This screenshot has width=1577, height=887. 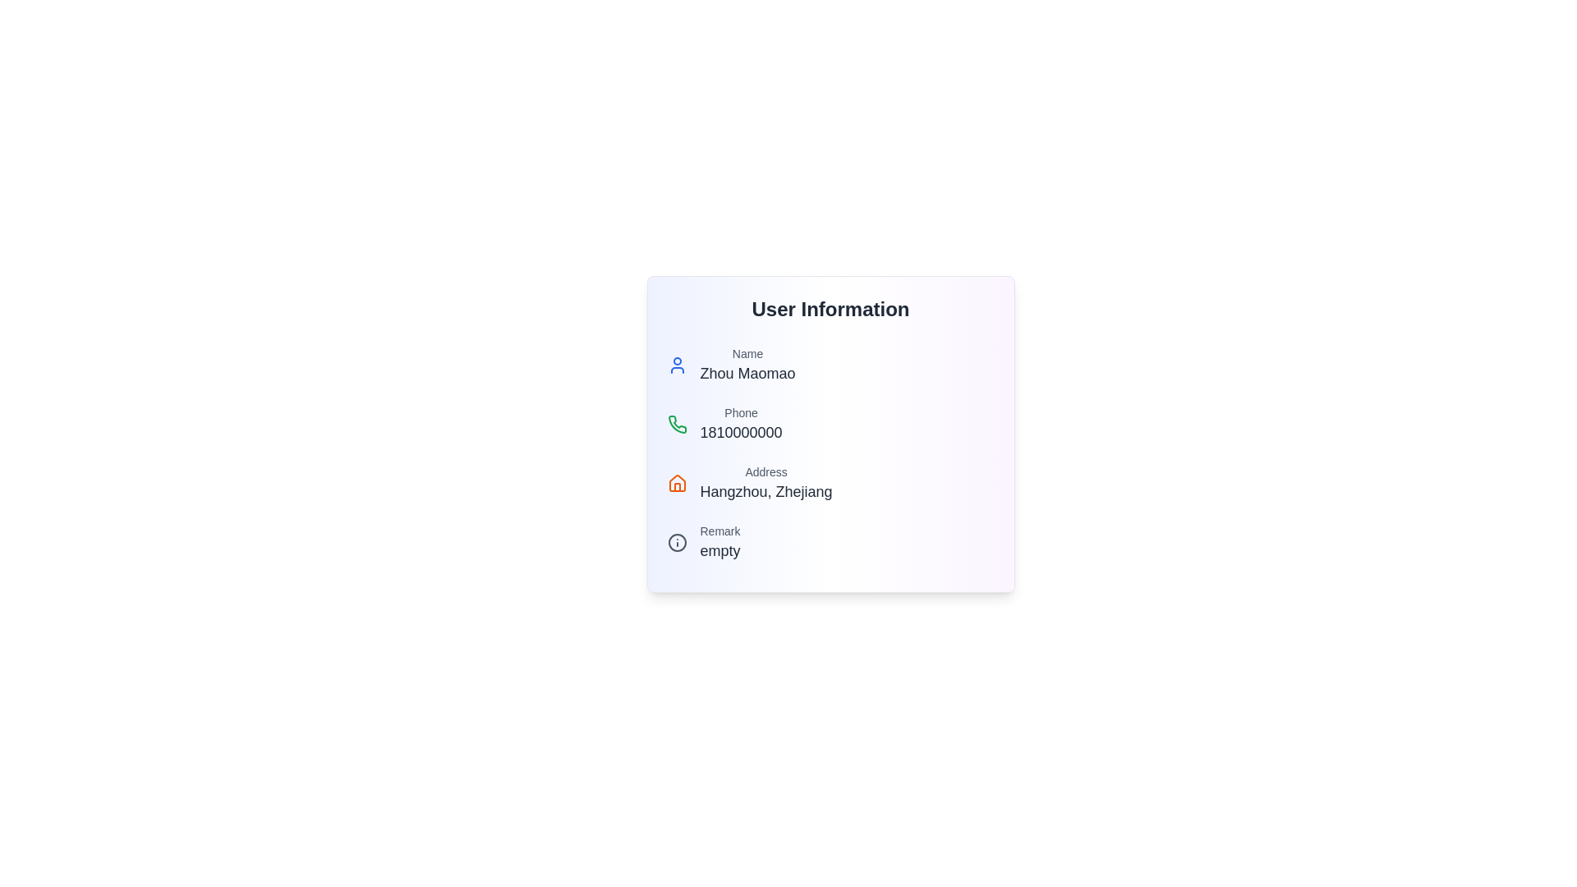 What do you see at coordinates (740, 423) in the screenshot?
I see `on the text display that shows the user's phone number, located below the green phone icon and above the 'Address' field in the 'User Information' panel` at bounding box center [740, 423].